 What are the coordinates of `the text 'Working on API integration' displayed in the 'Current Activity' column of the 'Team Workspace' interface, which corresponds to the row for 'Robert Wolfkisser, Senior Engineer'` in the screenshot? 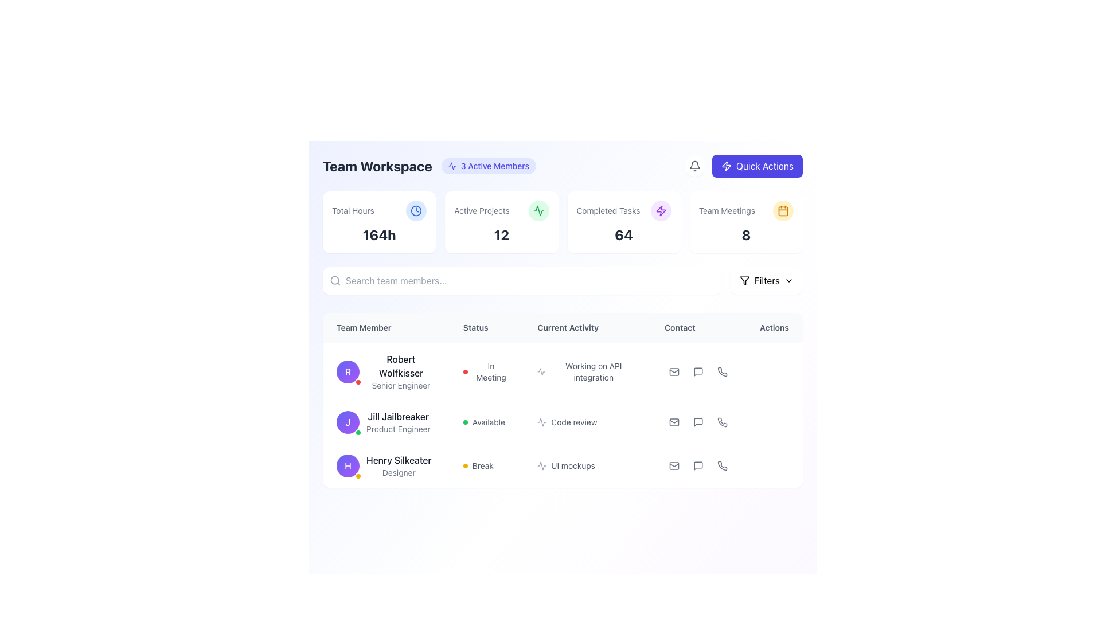 It's located at (587, 371).